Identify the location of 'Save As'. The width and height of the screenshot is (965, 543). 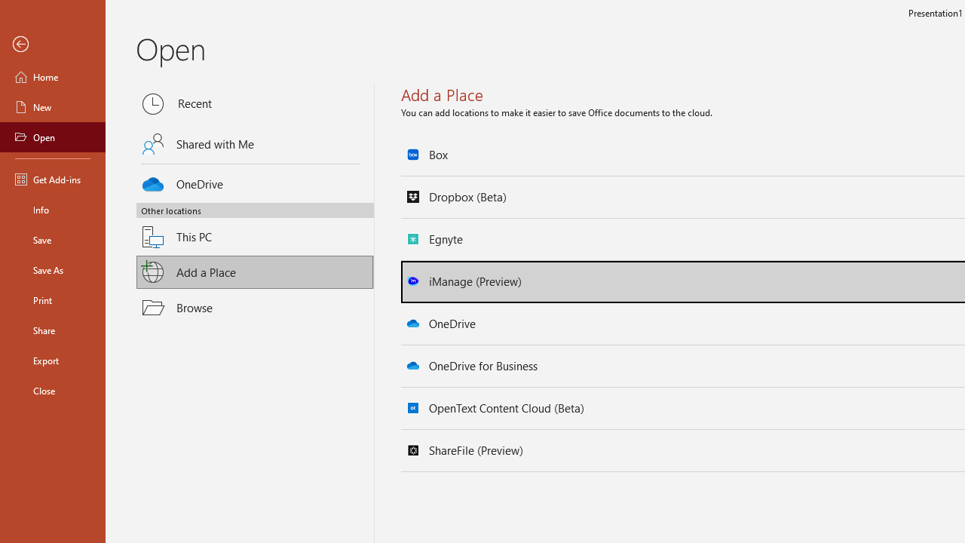
(52, 268).